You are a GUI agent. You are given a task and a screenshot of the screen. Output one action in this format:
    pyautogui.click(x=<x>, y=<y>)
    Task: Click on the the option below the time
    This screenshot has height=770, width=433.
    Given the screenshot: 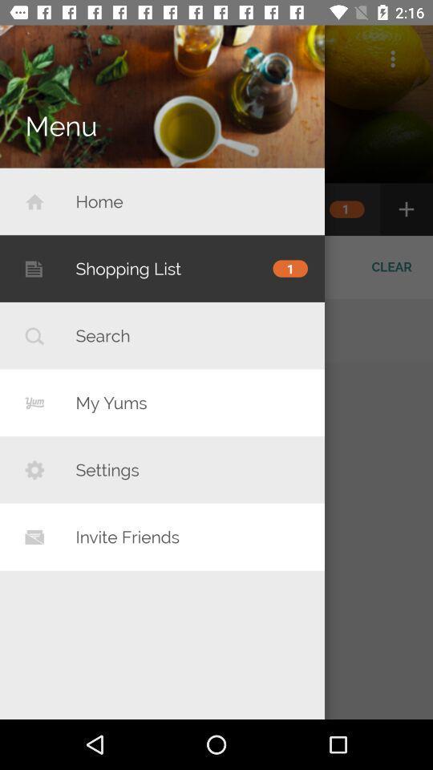 What is the action you would take?
    pyautogui.click(x=391, y=59)
    